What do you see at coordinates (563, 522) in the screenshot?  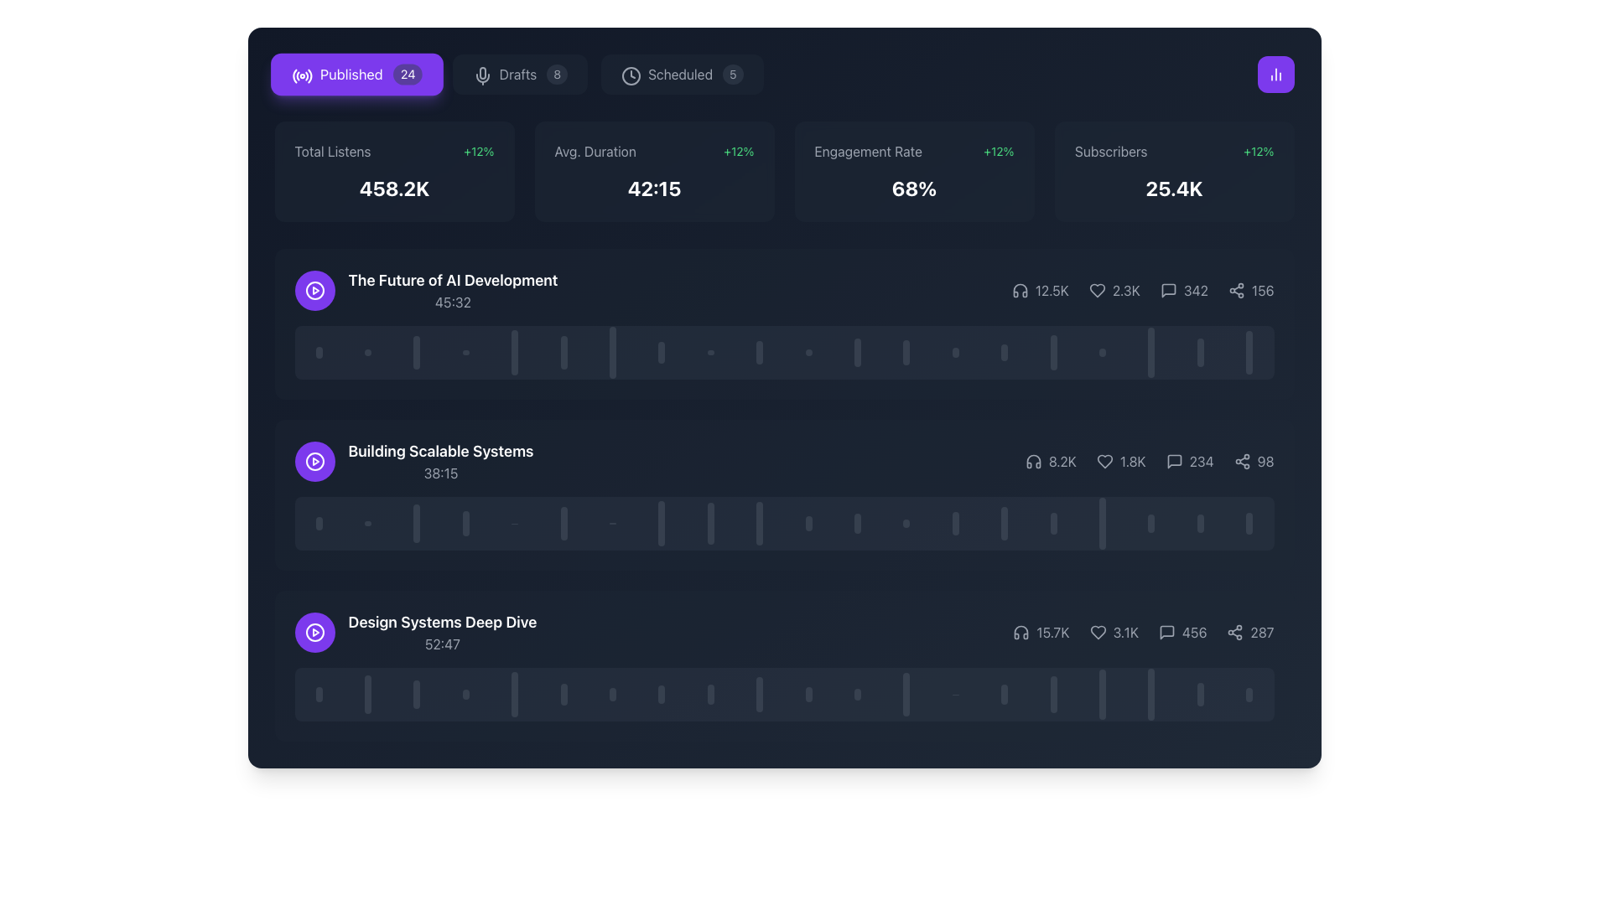 I see `the sixth vertical progress bar segment in the middle row of the interface, which acts as a graphical indicator` at bounding box center [563, 522].